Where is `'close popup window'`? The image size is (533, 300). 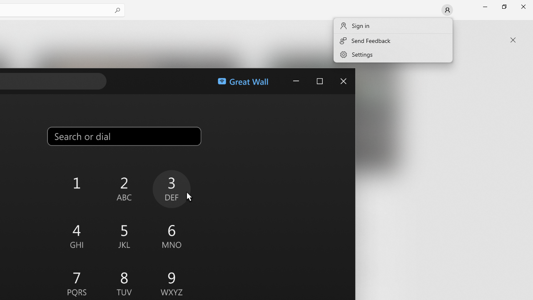
'close popup window' is located at coordinates (513, 40).